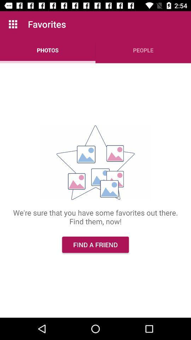 The width and height of the screenshot is (191, 340). I want to click on app to the left of favorites icon, so click(13, 24).